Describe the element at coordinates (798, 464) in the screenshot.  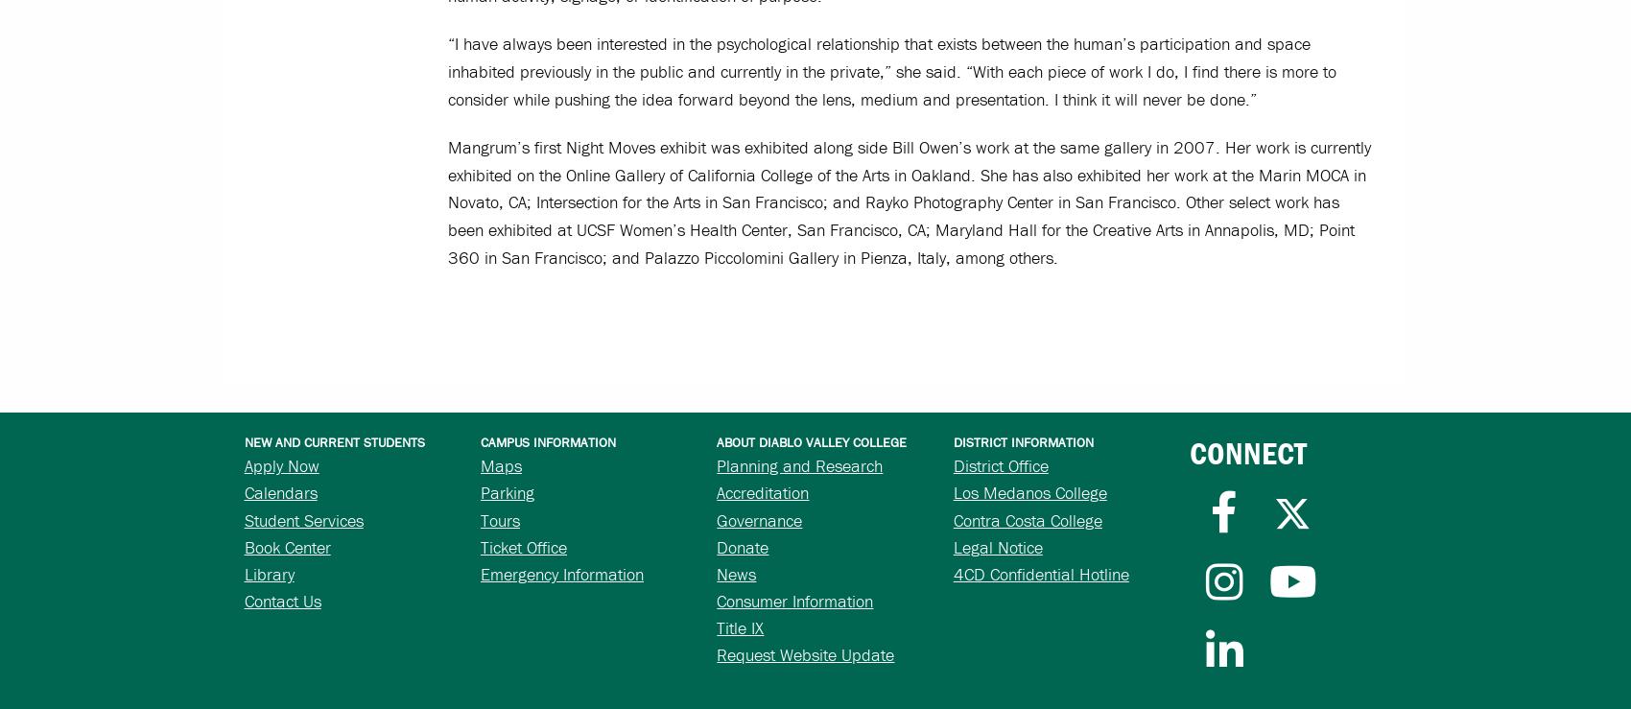
I see `'Planning and Research'` at that location.